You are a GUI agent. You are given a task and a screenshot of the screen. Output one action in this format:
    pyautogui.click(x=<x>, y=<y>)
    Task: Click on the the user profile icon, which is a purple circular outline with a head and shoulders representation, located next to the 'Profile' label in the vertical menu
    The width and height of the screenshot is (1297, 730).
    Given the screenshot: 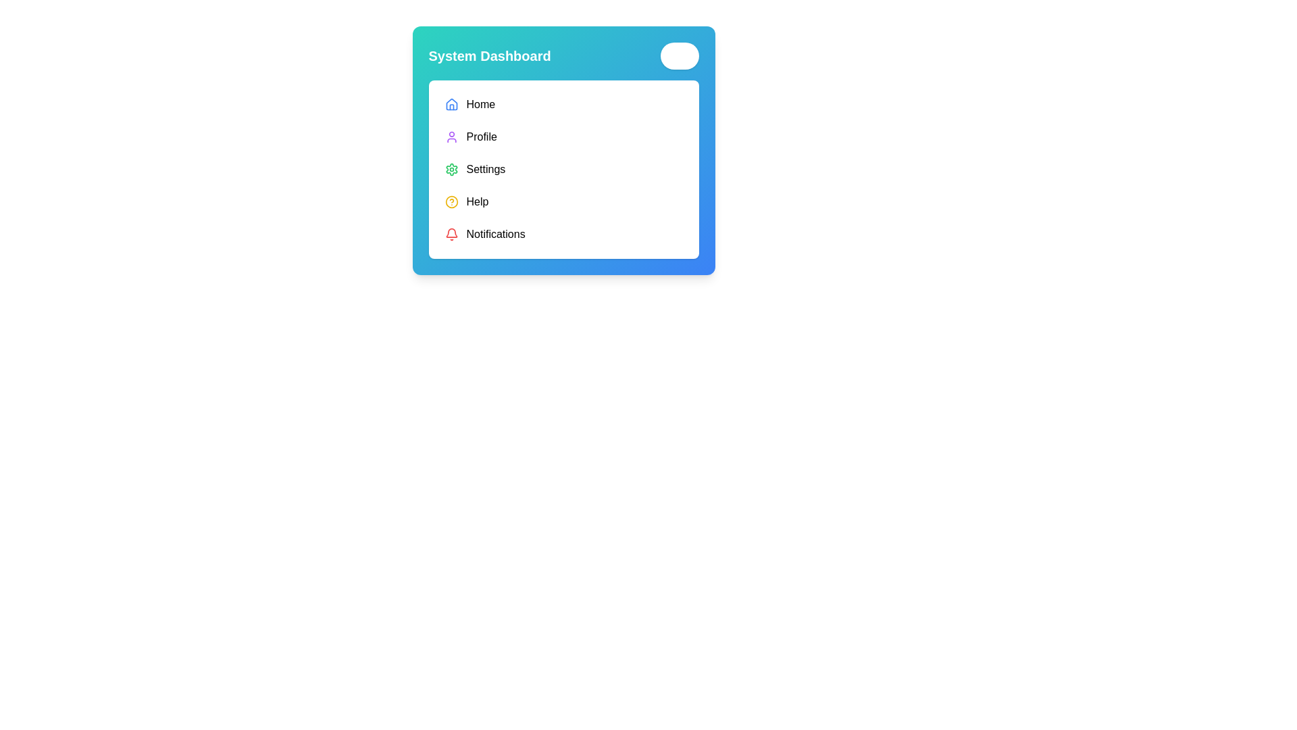 What is the action you would take?
    pyautogui.click(x=451, y=137)
    